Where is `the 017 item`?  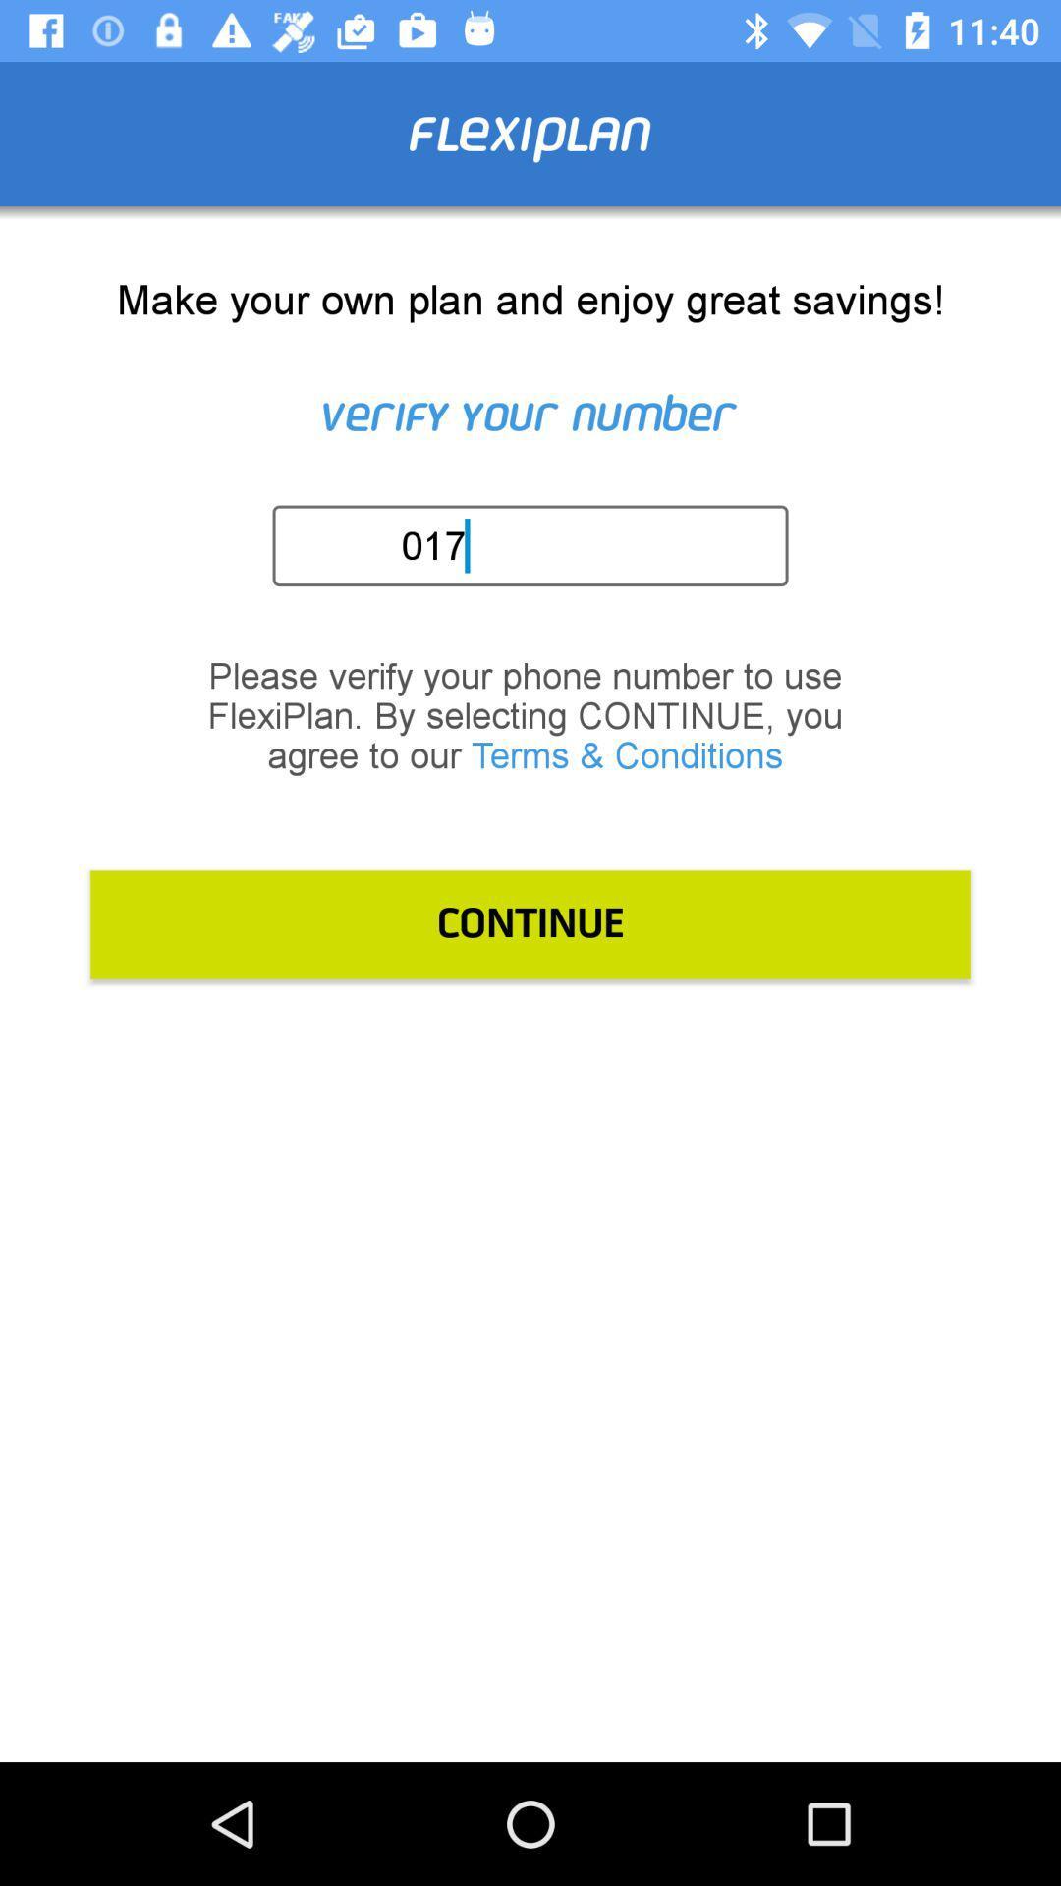 the 017 item is located at coordinates (536, 545).